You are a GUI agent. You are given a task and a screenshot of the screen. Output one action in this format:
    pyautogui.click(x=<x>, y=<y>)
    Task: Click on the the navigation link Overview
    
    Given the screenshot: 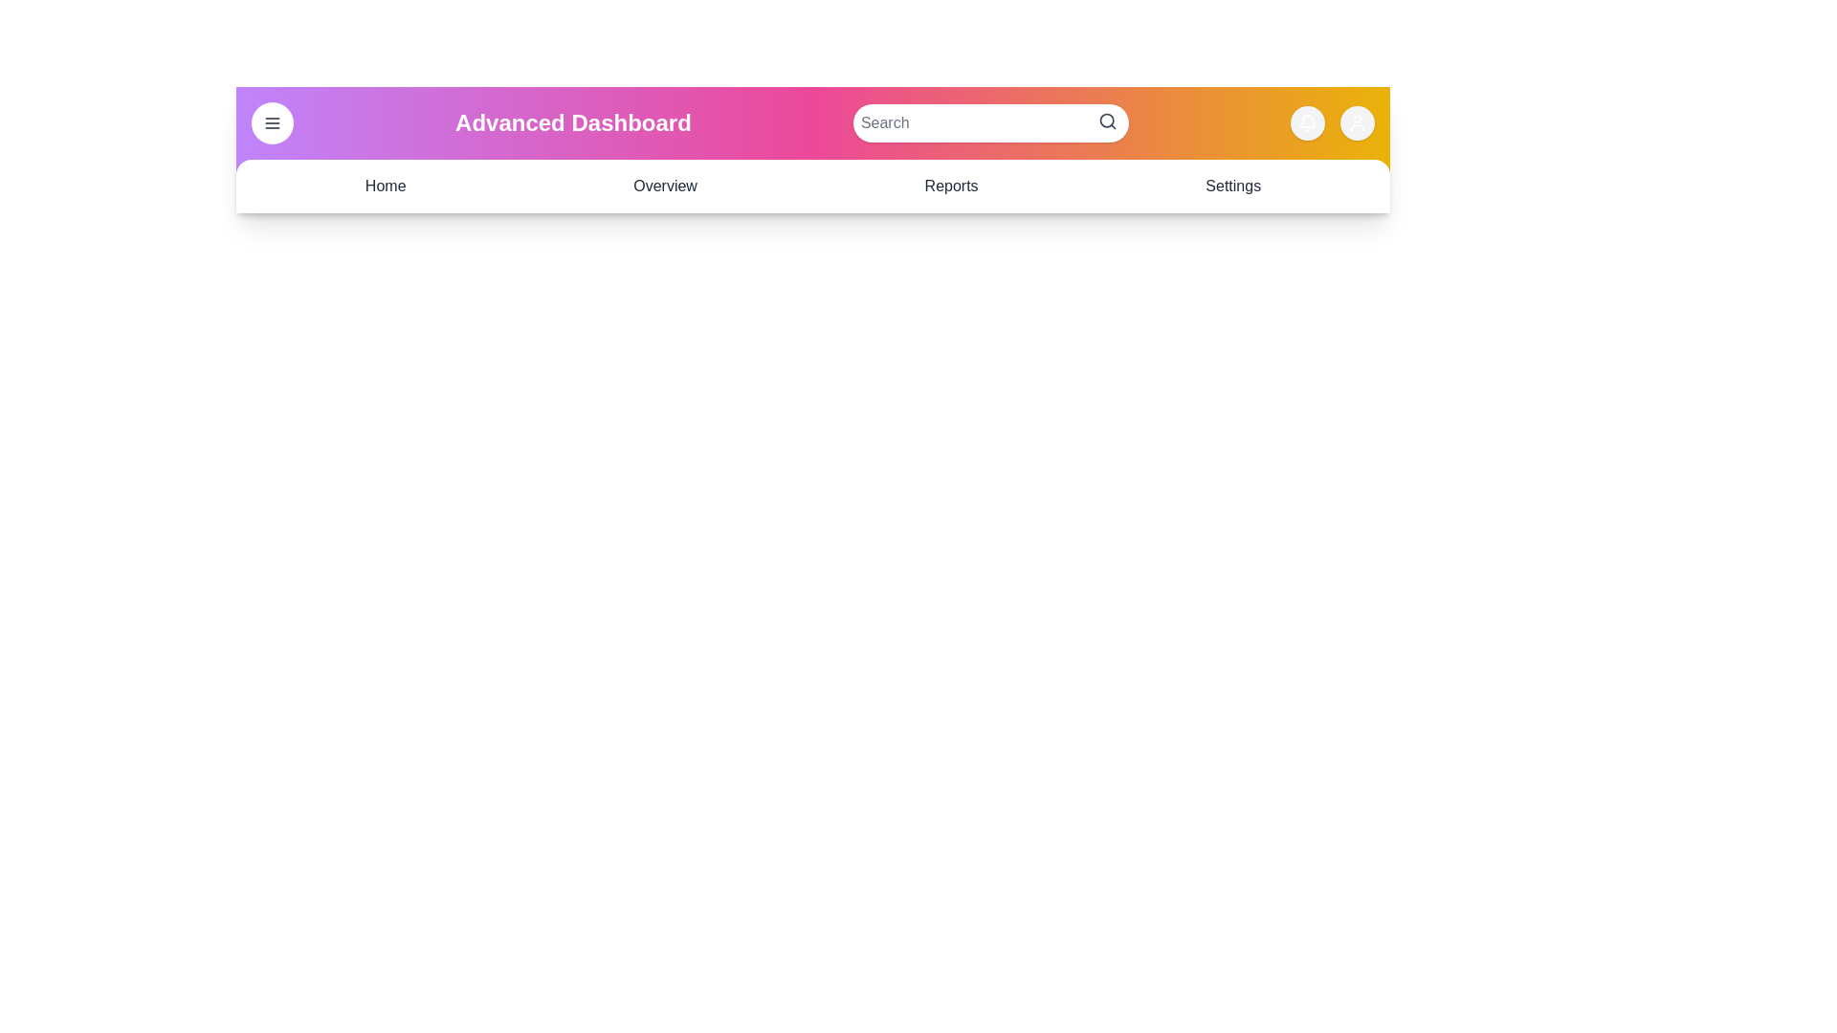 What is the action you would take?
    pyautogui.click(x=665, y=187)
    